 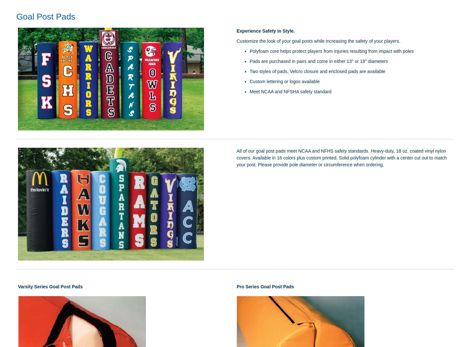 What do you see at coordinates (236, 286) in the screenshot?
I see `'Pro Series Goal Post Pads'` at bounding box center [236, 286].